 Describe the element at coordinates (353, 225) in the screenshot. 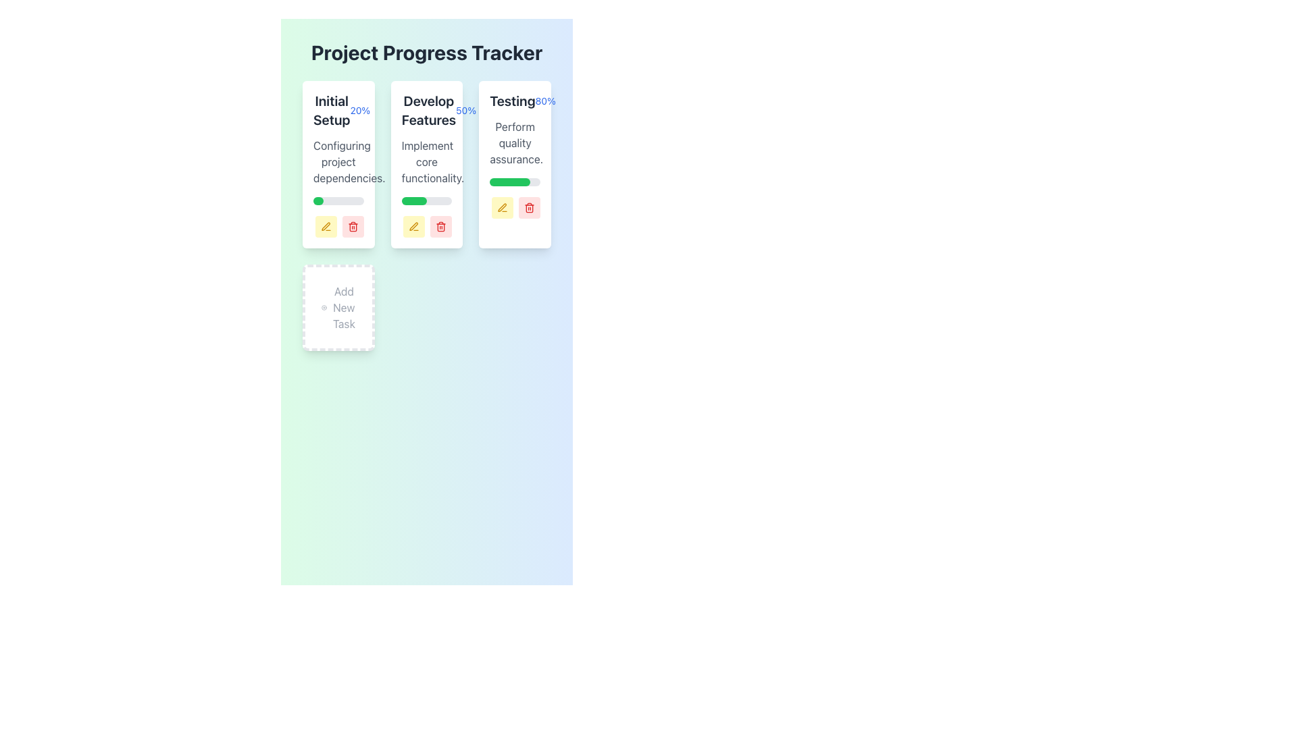

I see `the delete button located in the bottom-right corner of the 'Initial Setup' card` at that location.